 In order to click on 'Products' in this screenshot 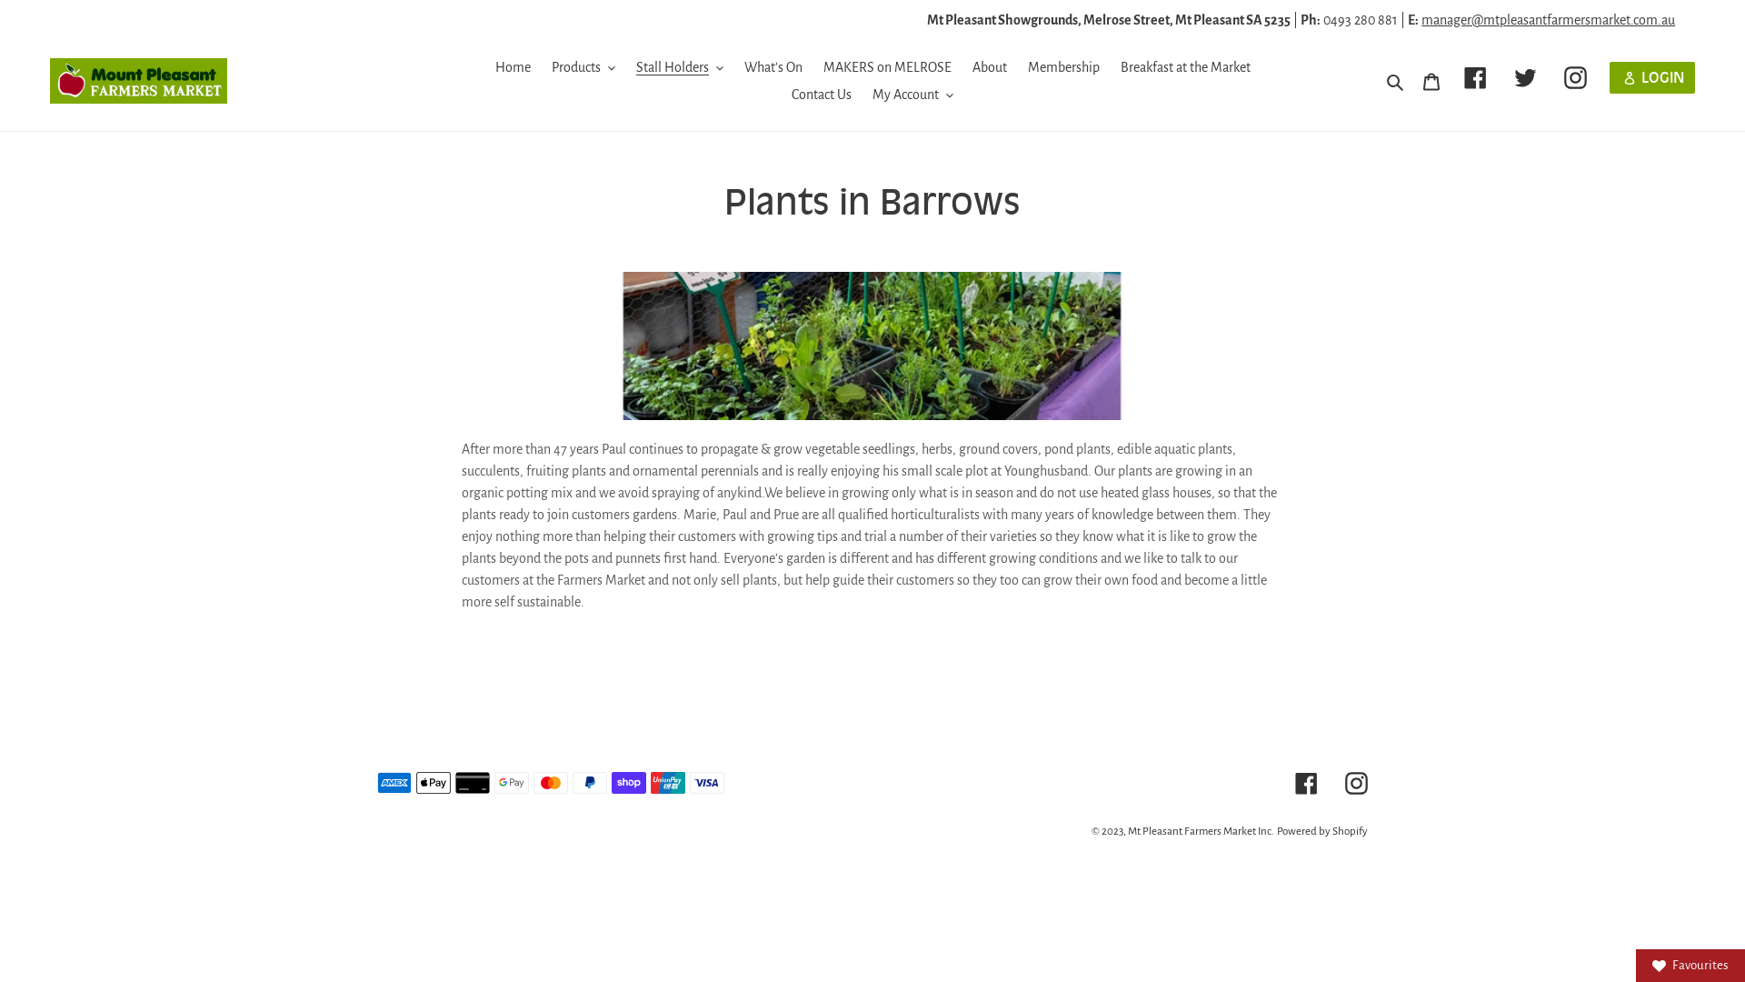, I will do `click(583, 65)`.